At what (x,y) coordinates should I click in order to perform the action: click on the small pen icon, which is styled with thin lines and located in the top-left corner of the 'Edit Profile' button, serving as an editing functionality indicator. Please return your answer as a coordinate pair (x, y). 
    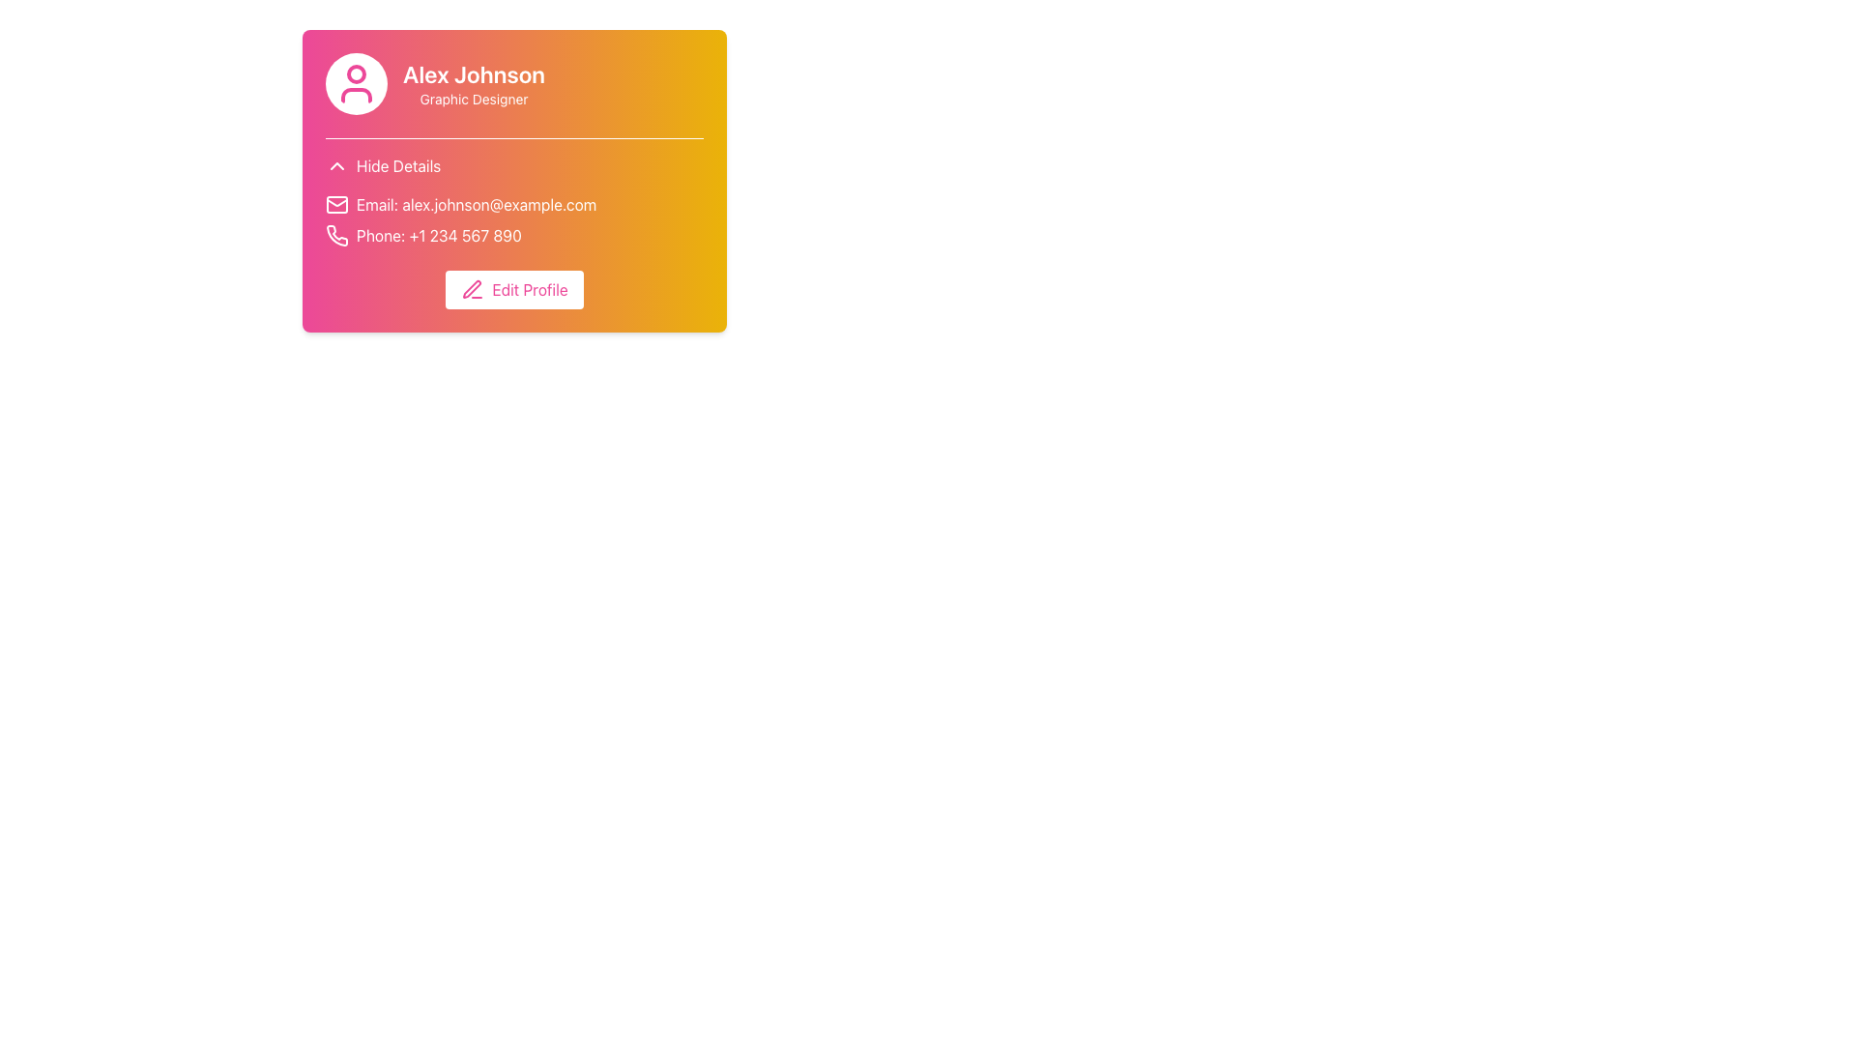
    Looking at the image, I should click on (472, 289).